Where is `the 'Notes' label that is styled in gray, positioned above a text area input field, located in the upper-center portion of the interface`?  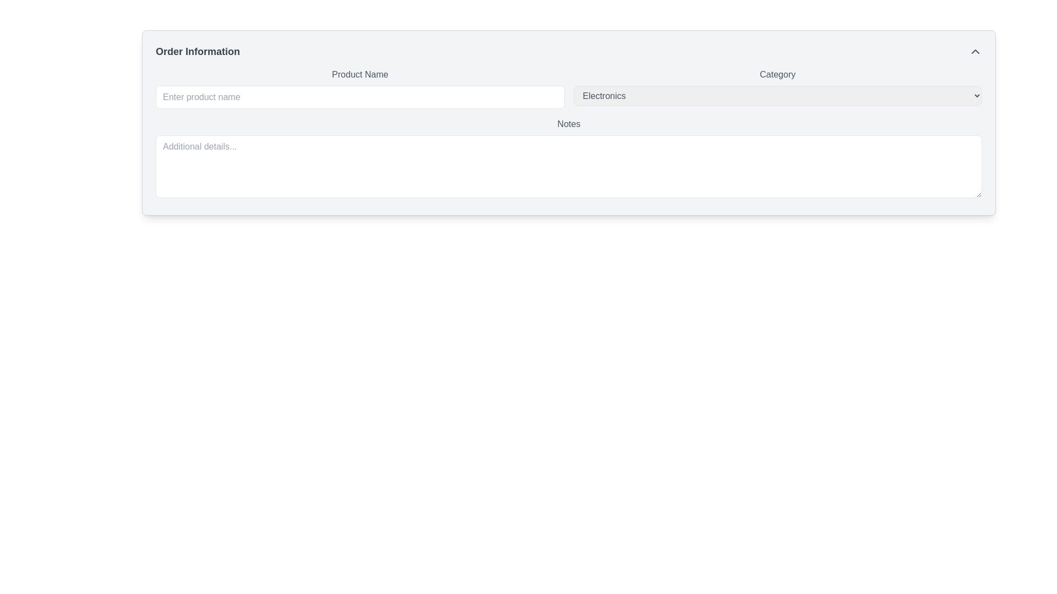
the 'Notes' label that is styled in gray, positioned above a text area input field, located in the upper-center portion of the interface is located at coordinates (569, 124).